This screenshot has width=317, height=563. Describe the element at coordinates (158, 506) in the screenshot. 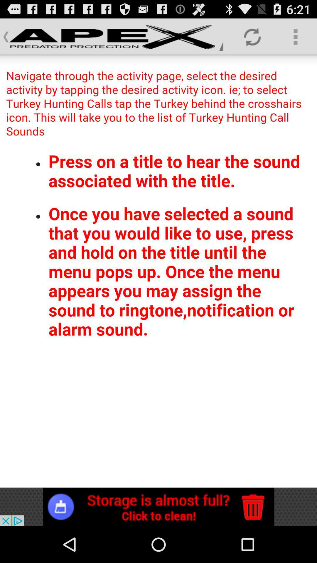

I see `advertisement banner` at that location.